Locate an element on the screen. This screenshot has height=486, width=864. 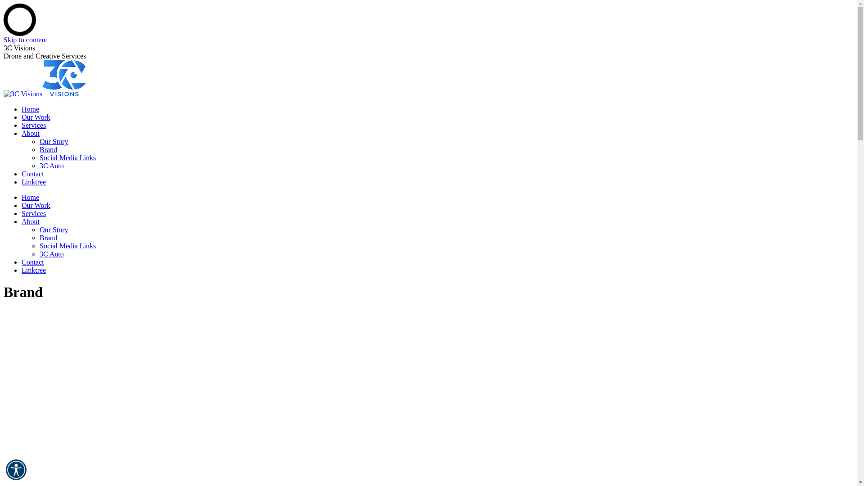
'Brand' is located at coordinates (48, 149).